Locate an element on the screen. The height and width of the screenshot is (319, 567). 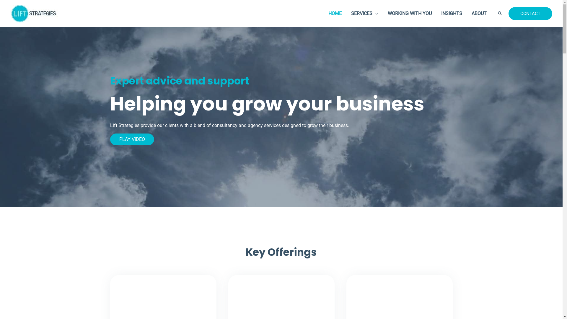
'CONTACT' is located at coordinates (530, 13).